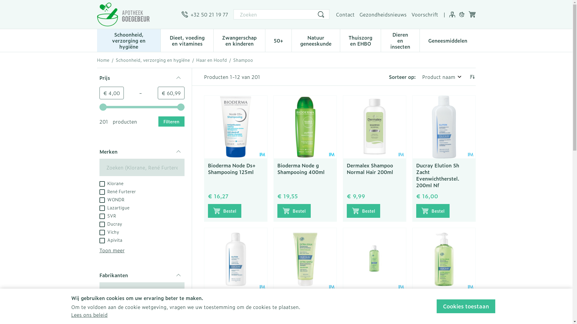  I want to click on 'on', so click(102, 232).